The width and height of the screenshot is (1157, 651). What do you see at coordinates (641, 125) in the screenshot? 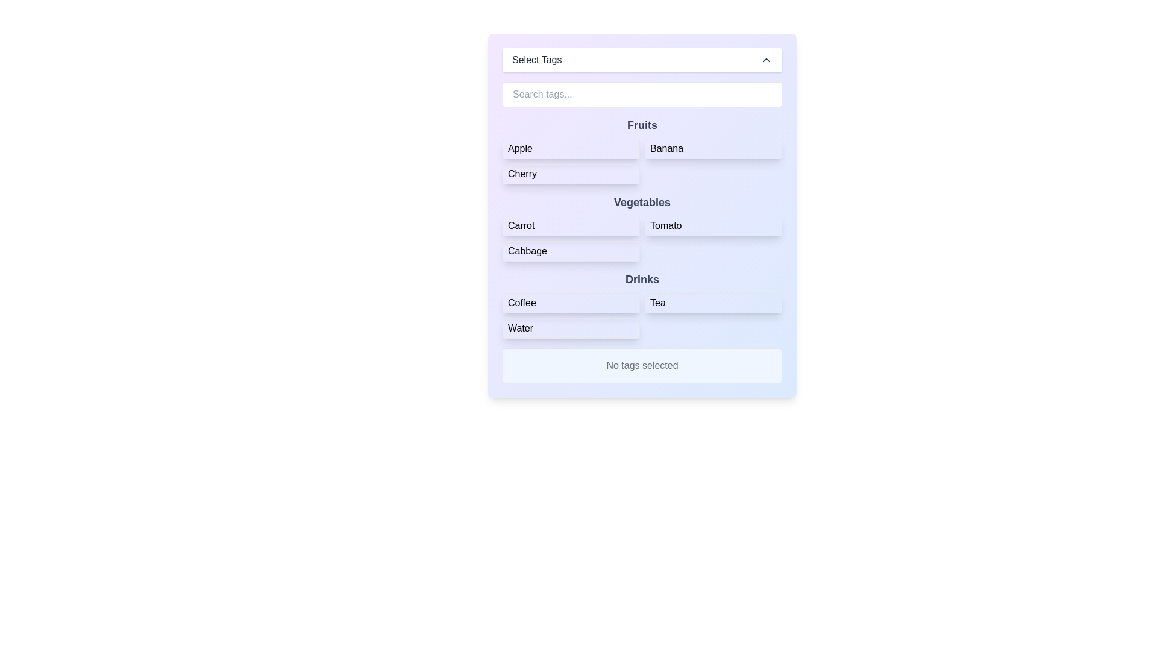
I see `the 'Fruits' section header text label located in the upper-middle section of the interface, which groups the items below it` at bounding box center [641, 125].